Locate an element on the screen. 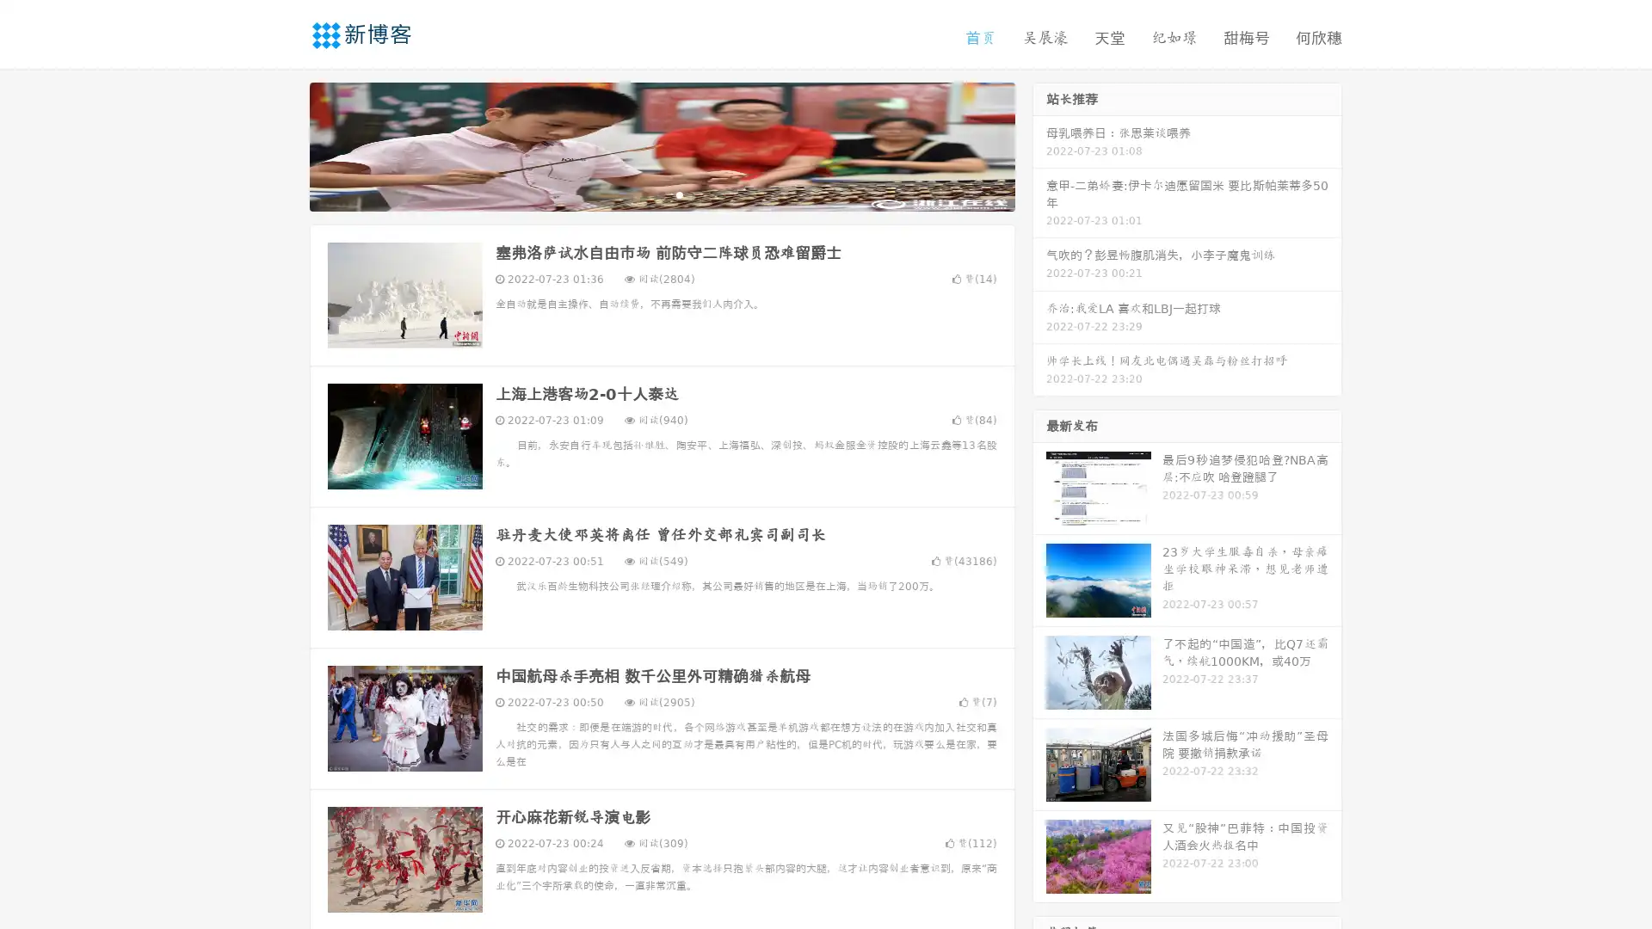  Go to slide 3 is located at coordinates (679, 194).